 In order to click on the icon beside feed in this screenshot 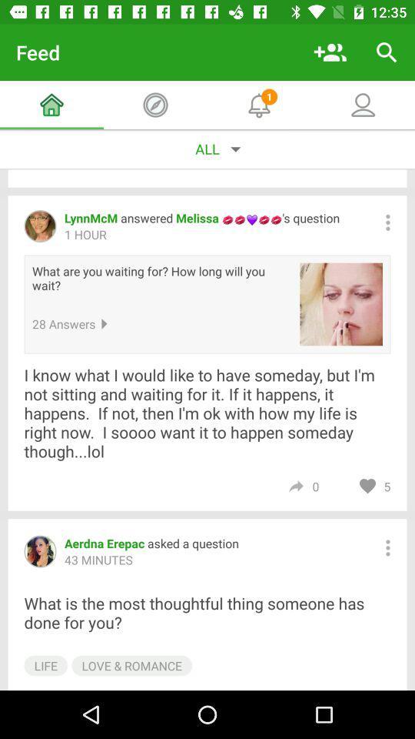, I will do `click(330, 52)`.